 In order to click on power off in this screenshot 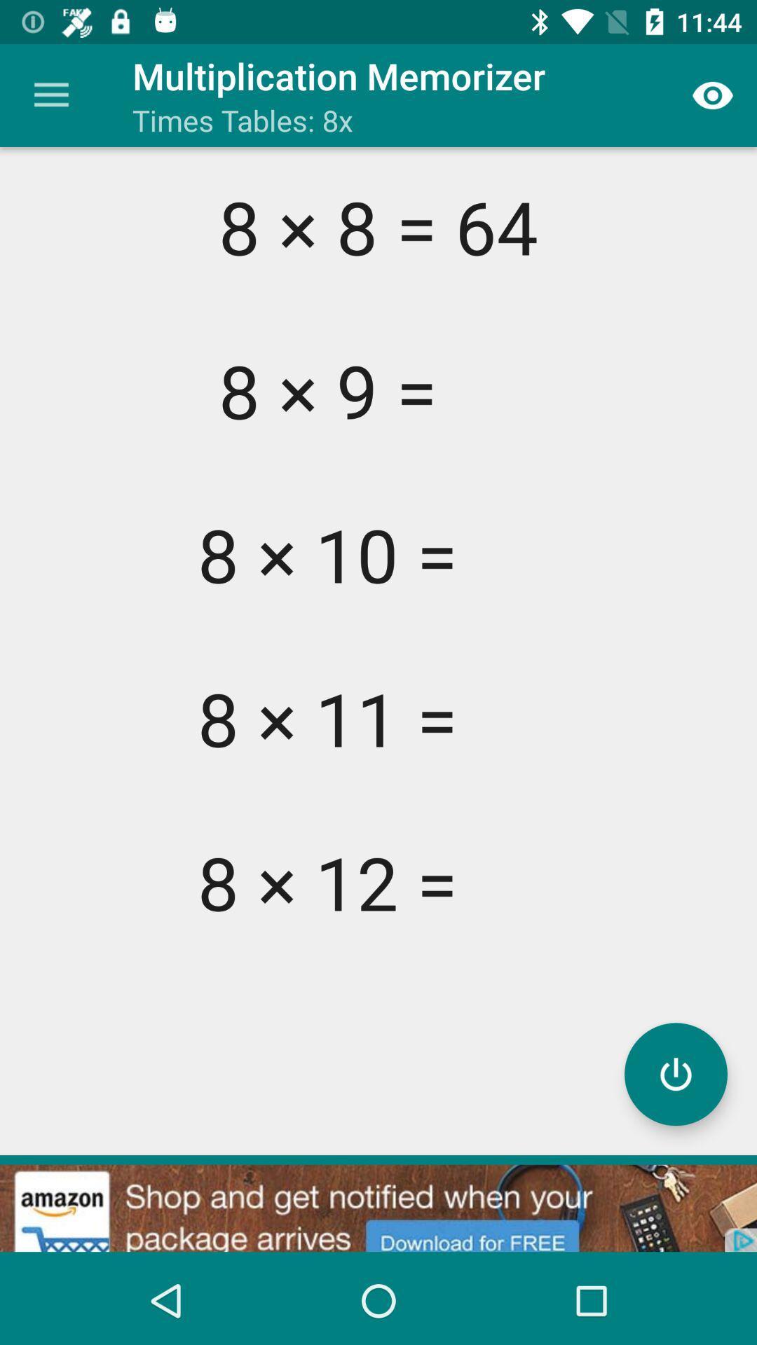, I will do `click(675, 1073)`.